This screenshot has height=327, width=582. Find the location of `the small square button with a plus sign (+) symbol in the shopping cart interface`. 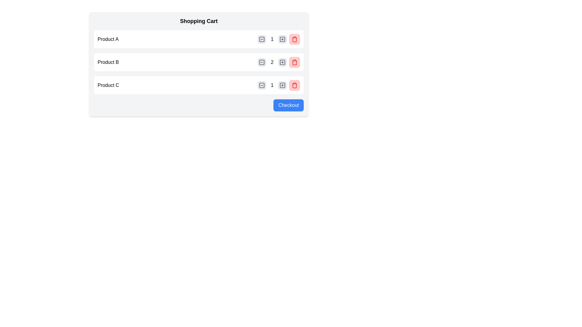

the small square button with a plus sign (+) symbol in the shopping cart interface is located at coordinates (282, 85).